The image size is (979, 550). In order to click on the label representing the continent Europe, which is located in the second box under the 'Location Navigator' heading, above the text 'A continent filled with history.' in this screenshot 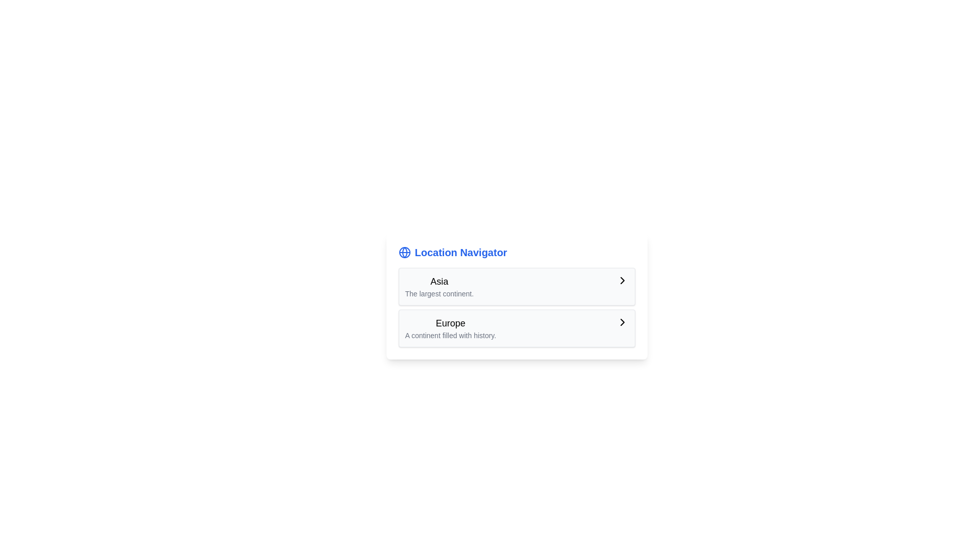, I will do `click(450, 323)`.